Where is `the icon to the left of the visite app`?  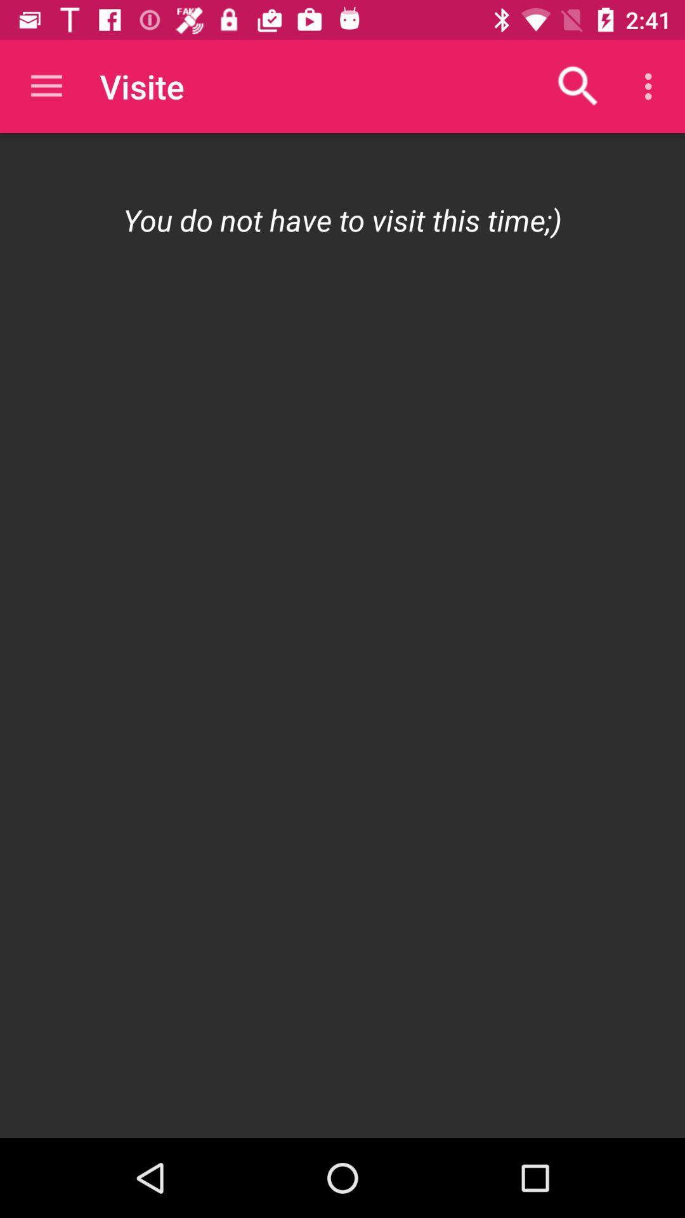
the icon to the left of the visite app is located at coordinates (46, 86).